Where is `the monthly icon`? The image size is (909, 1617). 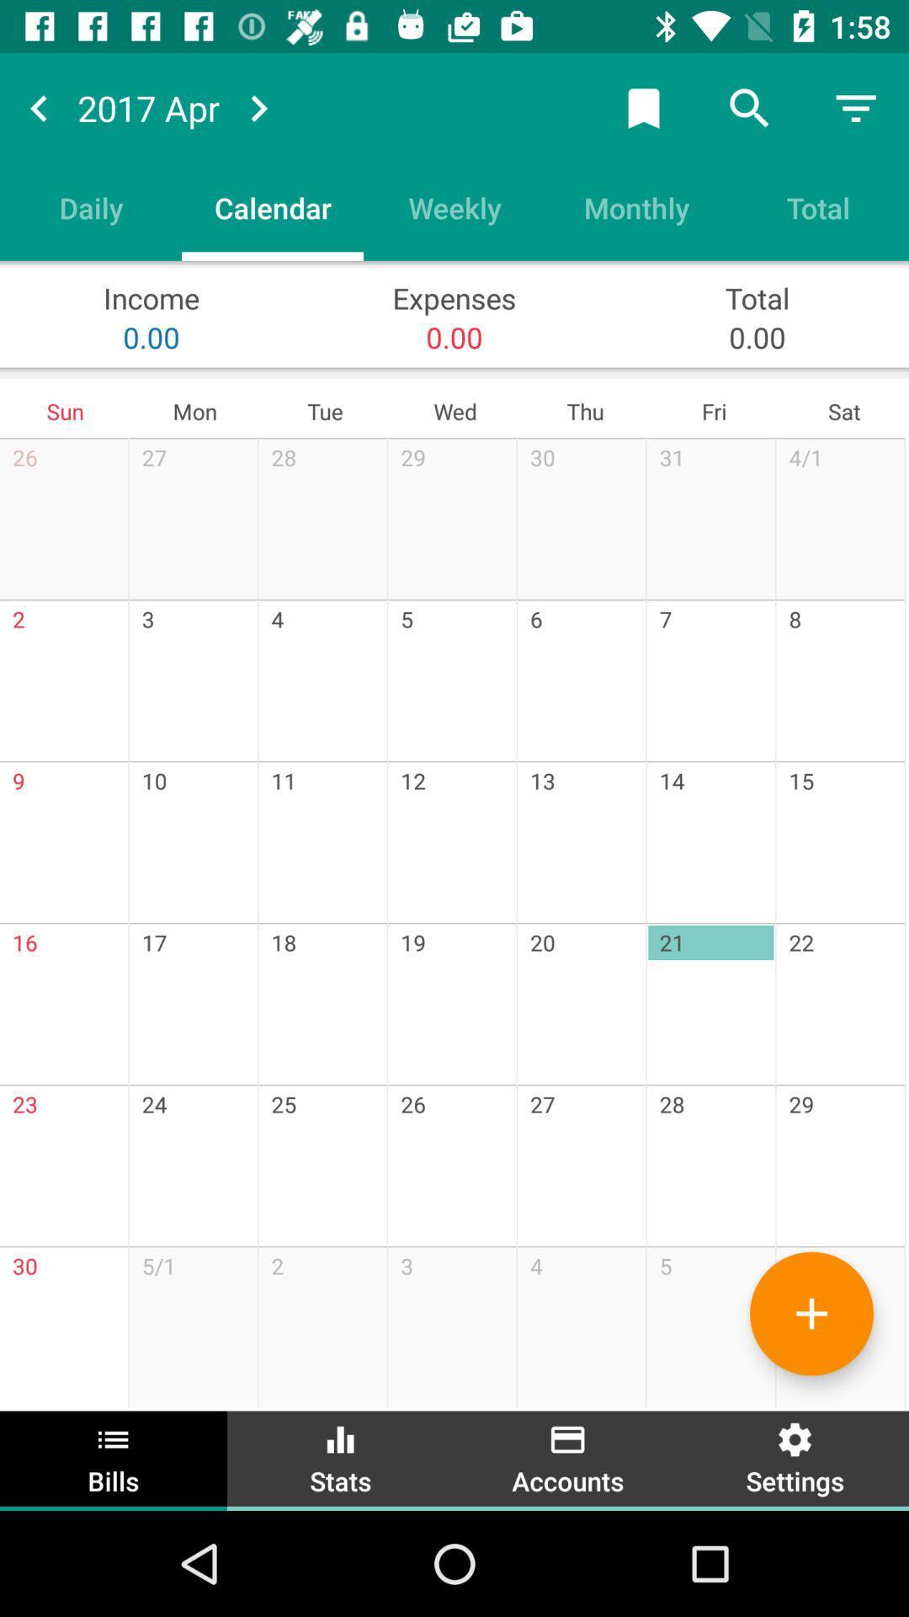
the monthly icon is located at coordinates (636, 206).